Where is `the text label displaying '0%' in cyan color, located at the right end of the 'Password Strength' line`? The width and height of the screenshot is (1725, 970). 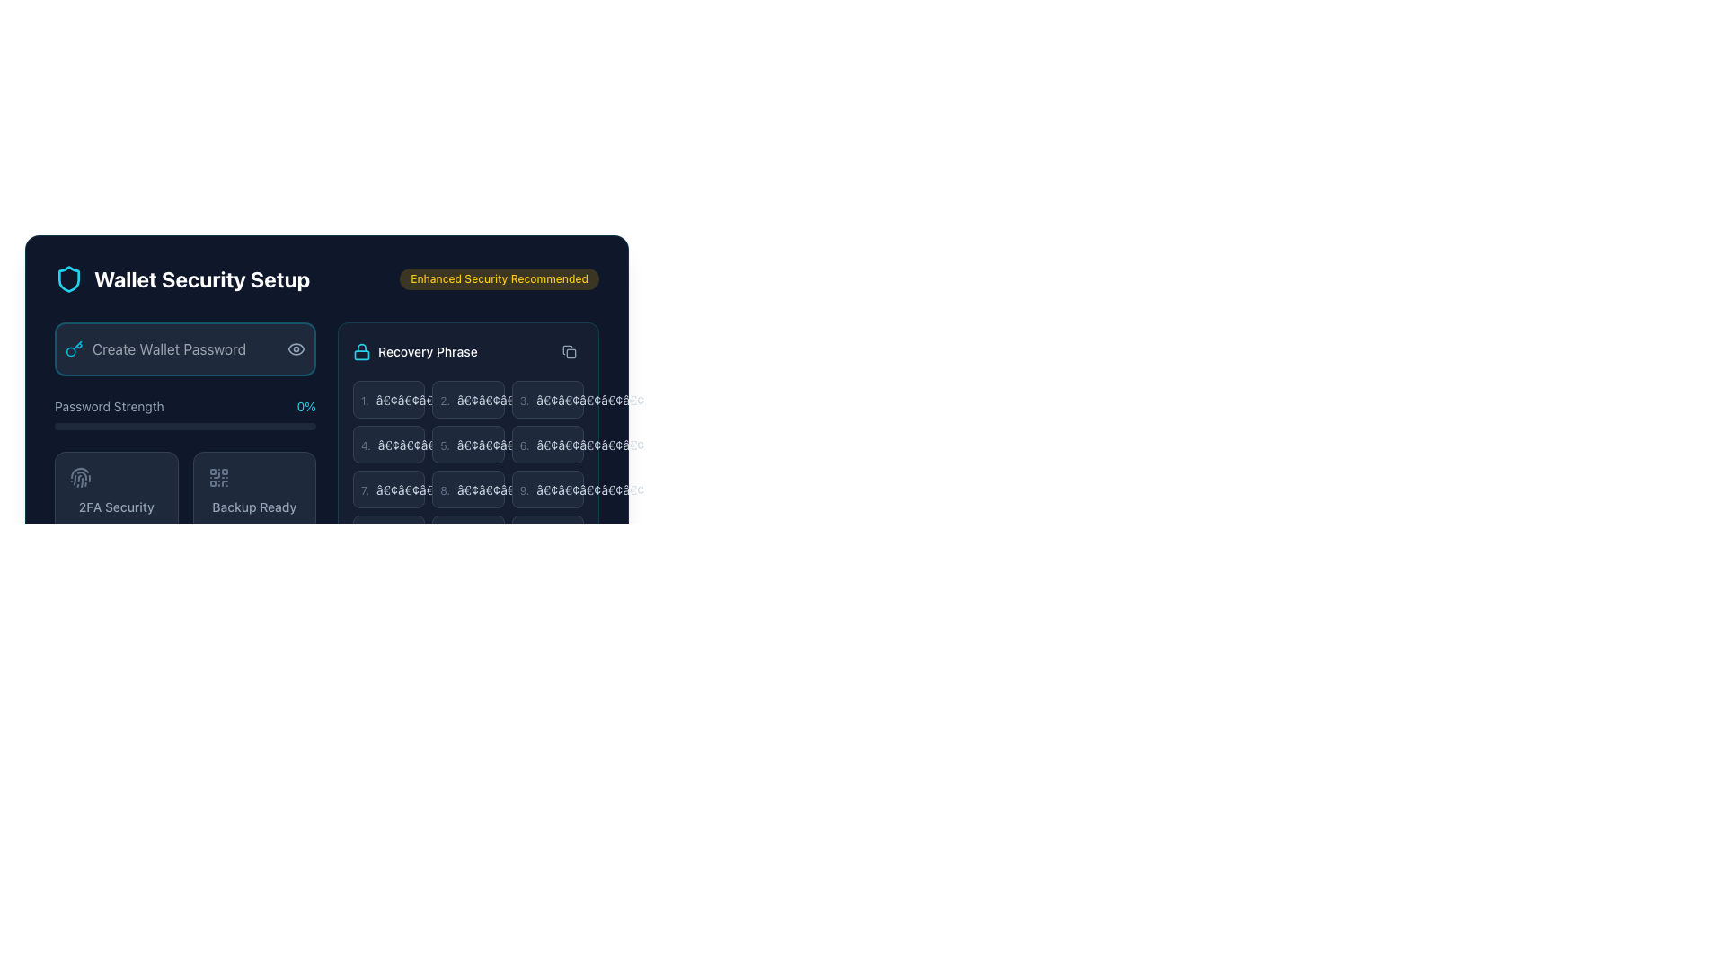 the text label displaying '0%' in cyan color, located at the right end of the 'Password Strength' line is located at coordinates (306, 406).